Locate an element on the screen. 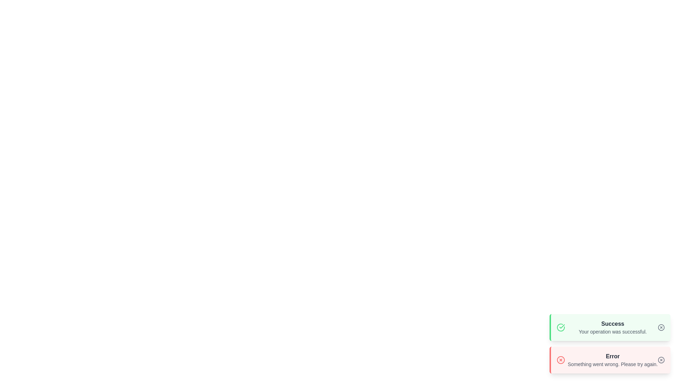 The image size is (679, 382). the 'Success' alert to observe the hover effect is located at coordinates (609, 327).